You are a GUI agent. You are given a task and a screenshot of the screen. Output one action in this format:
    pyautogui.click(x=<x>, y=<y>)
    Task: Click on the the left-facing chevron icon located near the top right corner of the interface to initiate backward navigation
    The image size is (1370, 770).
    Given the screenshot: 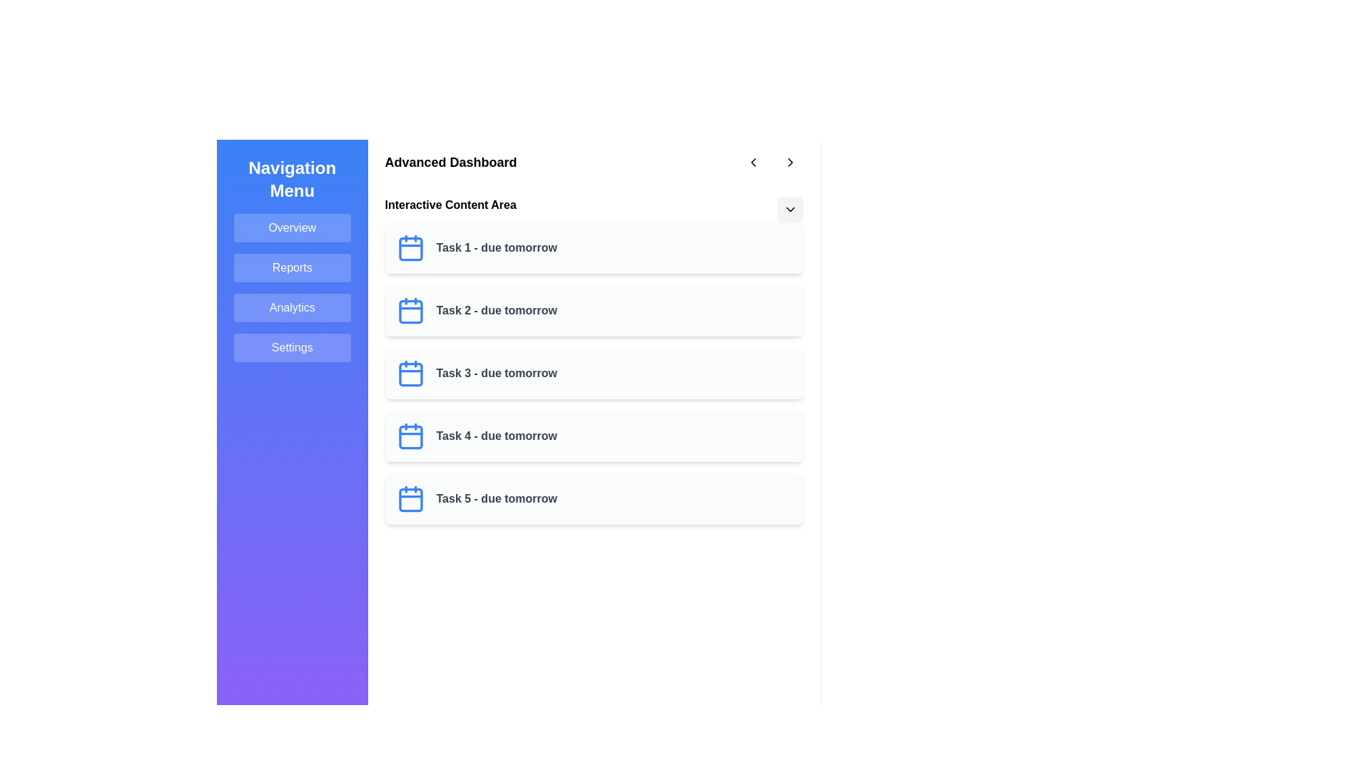 What is the action you would take?
    pyautogui.click(x=753, y=161)
    